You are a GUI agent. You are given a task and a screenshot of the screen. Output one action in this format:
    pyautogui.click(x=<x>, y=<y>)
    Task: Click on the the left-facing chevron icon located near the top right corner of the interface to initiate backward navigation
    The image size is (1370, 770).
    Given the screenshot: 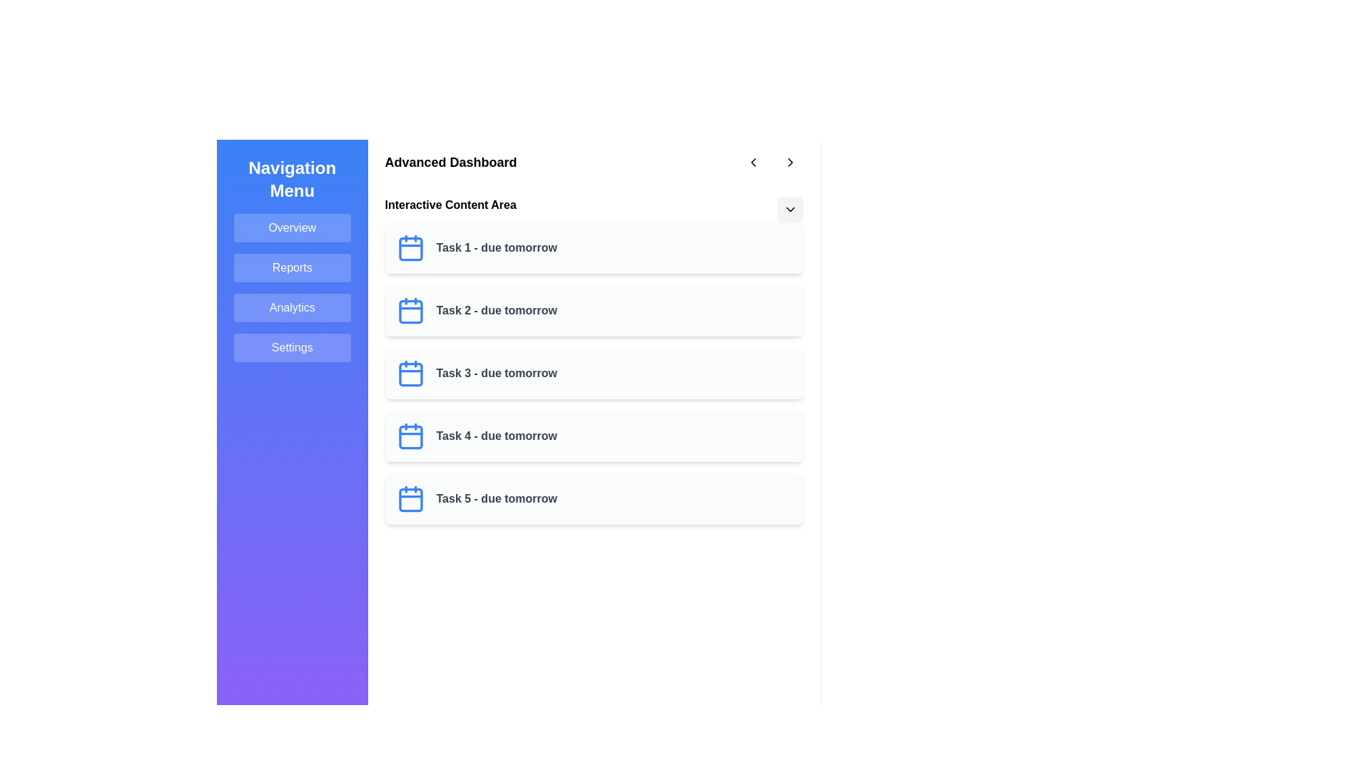 What is the action you would take?
    pyautogui.click(x=753, y=161)
    